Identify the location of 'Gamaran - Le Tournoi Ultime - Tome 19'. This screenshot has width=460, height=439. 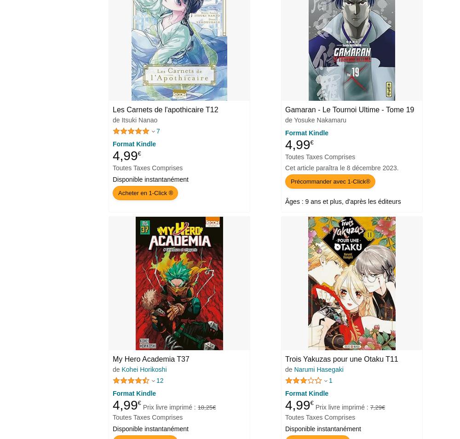
(350, 109).